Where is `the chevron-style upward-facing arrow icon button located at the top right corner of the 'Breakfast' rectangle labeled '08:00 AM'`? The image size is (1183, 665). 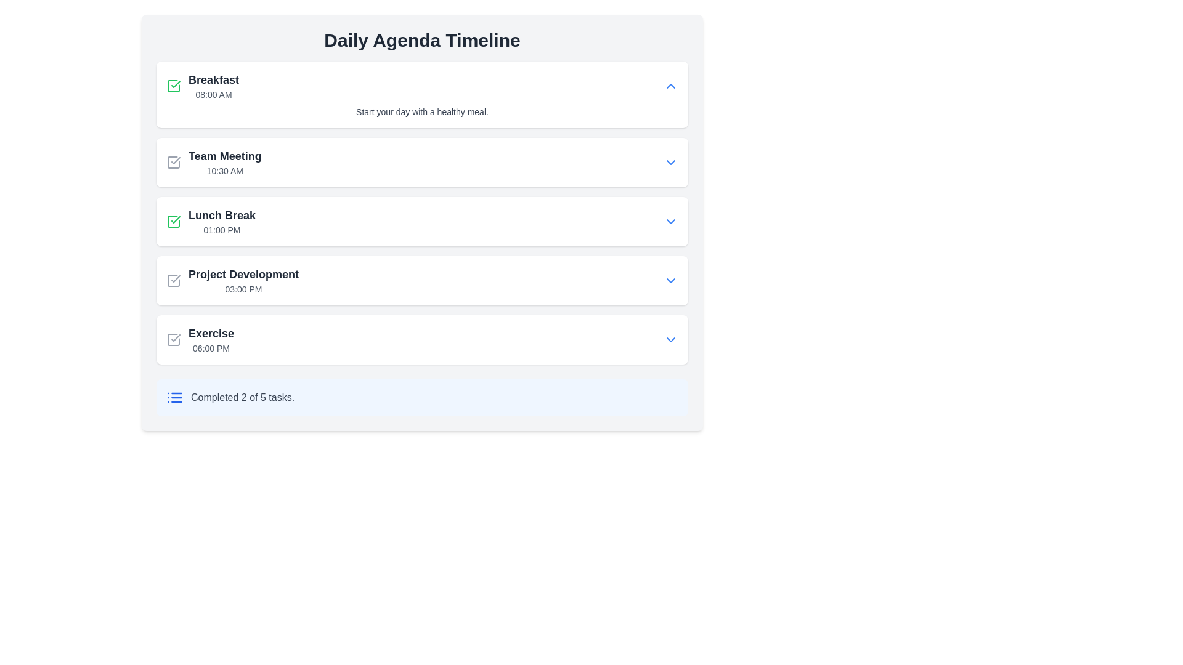 the chevron-style upward-facing arrow icon button located at the top right corner of the 'Breakfast' rectangle labeled '08:00 AM' is located at coordinates (670, 85).